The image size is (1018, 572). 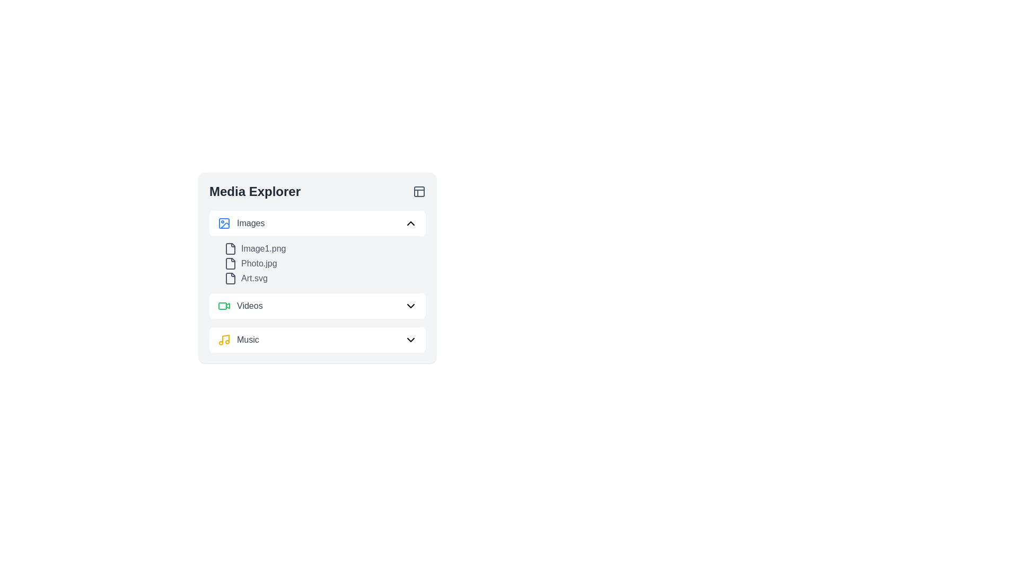 What do you see at coordinates (227, 306) in the screenshot?
I see `the triangular play button component of the green video camera SVG icon located in the 'Media Explorer' section, adjacent to the 'Videos' text` at bounding box center [227, 306].